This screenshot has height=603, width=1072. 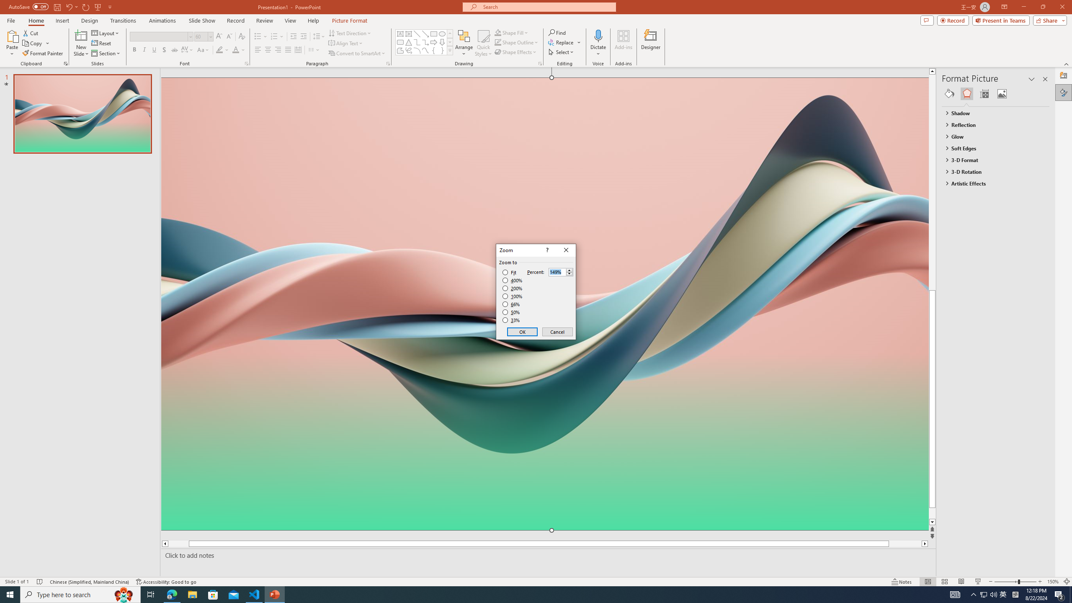 What do you see at coordinates (992, 160) in the screenshot?
I see `'3-D Format'` at bounding box center [992, 160].